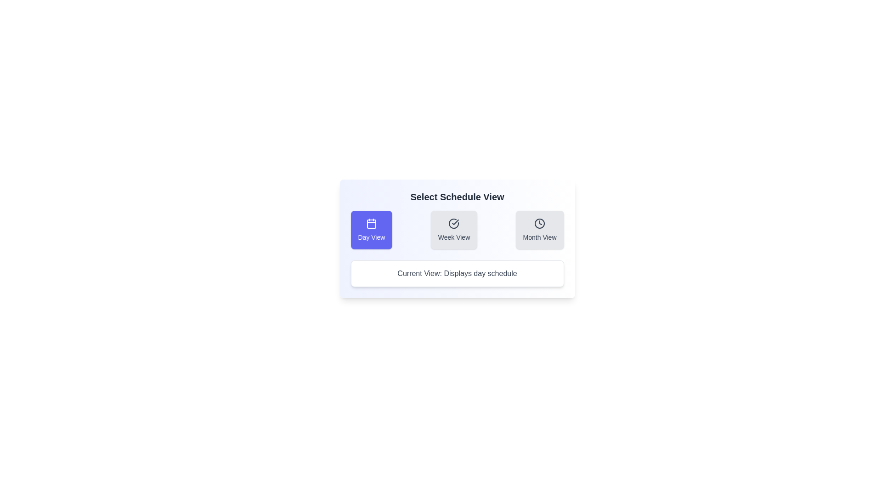 The image size is (882, 496). What do you see at coordinates (371, 230) in the screenshot?
I see `the button corresponding to the desired schedule view: Day View` at bounding box center [371, 230].